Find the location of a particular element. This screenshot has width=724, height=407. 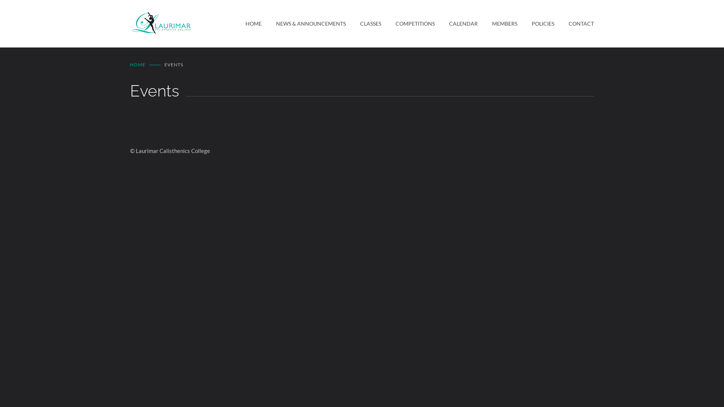

'MEMBERS' is located at coordinates (477, 23).